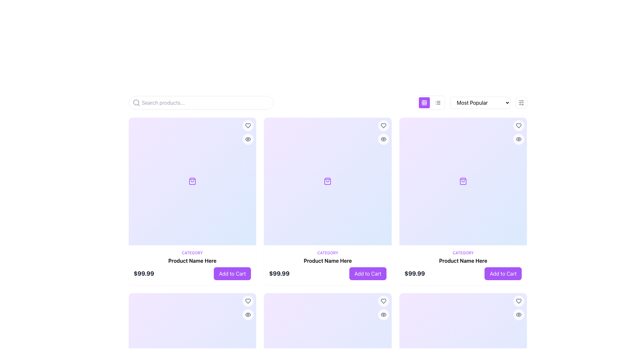 Image resolution: width=621 pixels, height=349 pixels. I want to click on the elliptical eye-shaped icon with a hollow center, located in the top-right portion of a card, just to the left of a heart icon, so click(383, 139).